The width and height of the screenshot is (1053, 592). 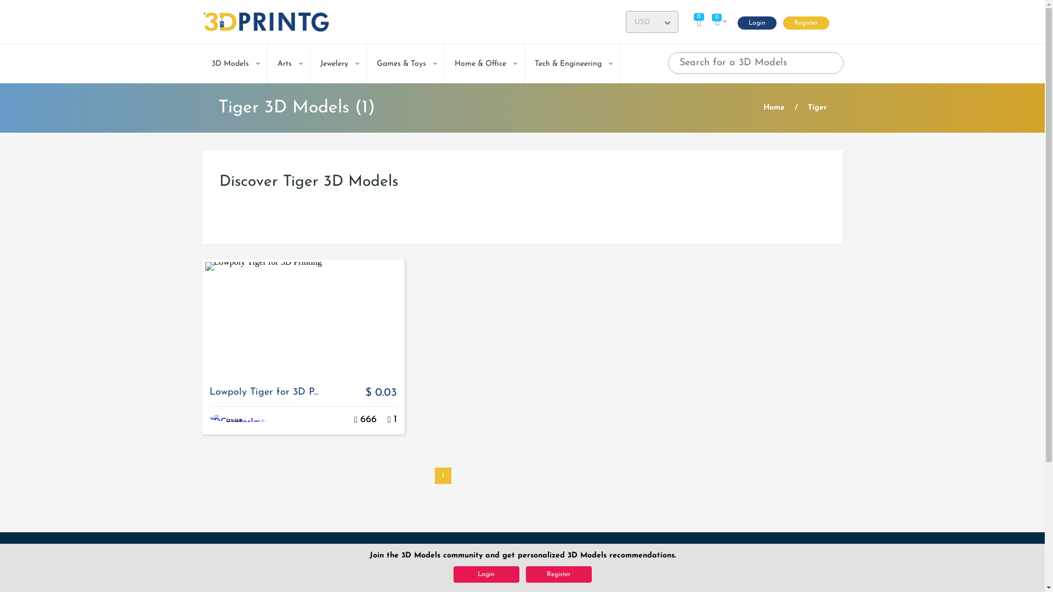 I want to click on '3D Models', so click(x=234, y=64).